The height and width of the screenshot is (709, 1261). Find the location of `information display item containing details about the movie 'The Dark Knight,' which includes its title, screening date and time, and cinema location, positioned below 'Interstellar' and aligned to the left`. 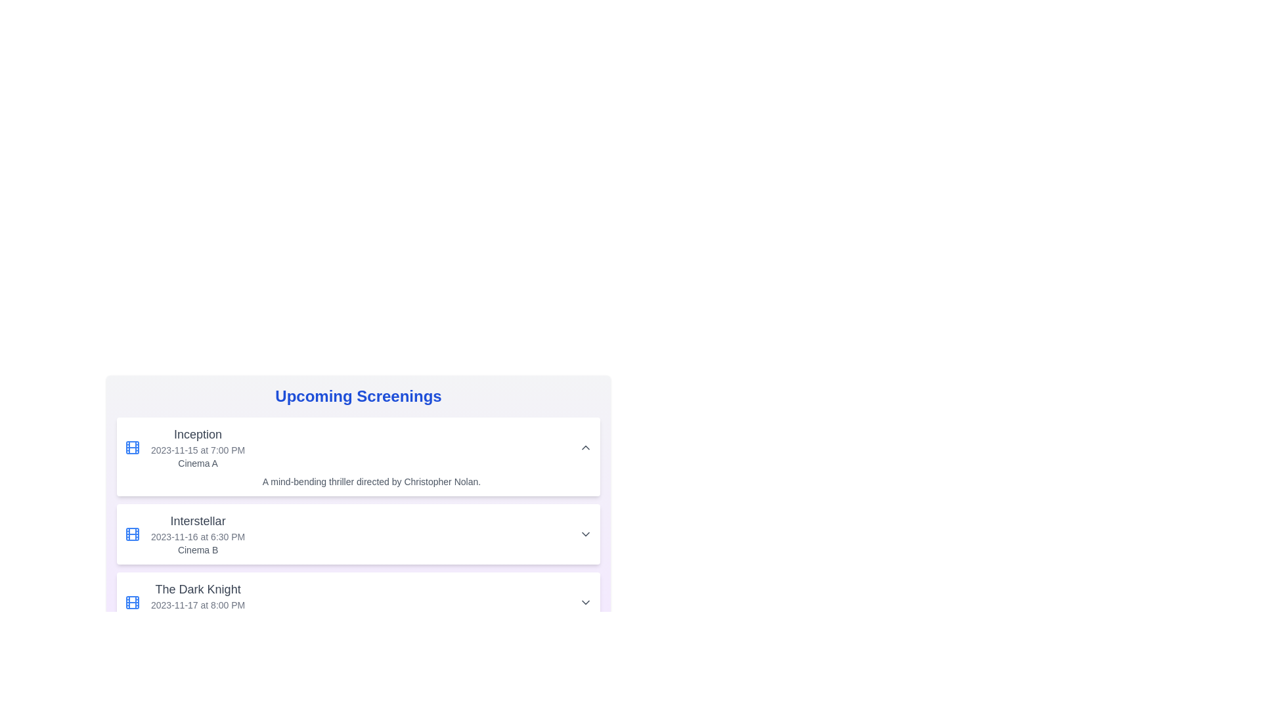

information display item containing details about the movie 'The Dark Knight,' which includes its title, screening date and time, and cinema location, positioned below 'Interstellar' and aligned to the left is located at coordinates (184, 603).